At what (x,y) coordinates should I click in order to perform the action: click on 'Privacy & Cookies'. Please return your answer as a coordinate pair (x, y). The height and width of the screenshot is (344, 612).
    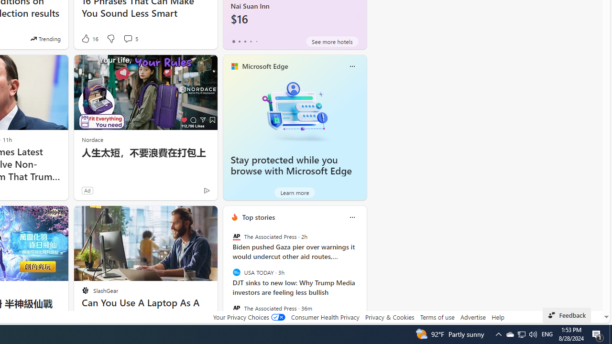
    Looking at the image, I should click on (389, 317).